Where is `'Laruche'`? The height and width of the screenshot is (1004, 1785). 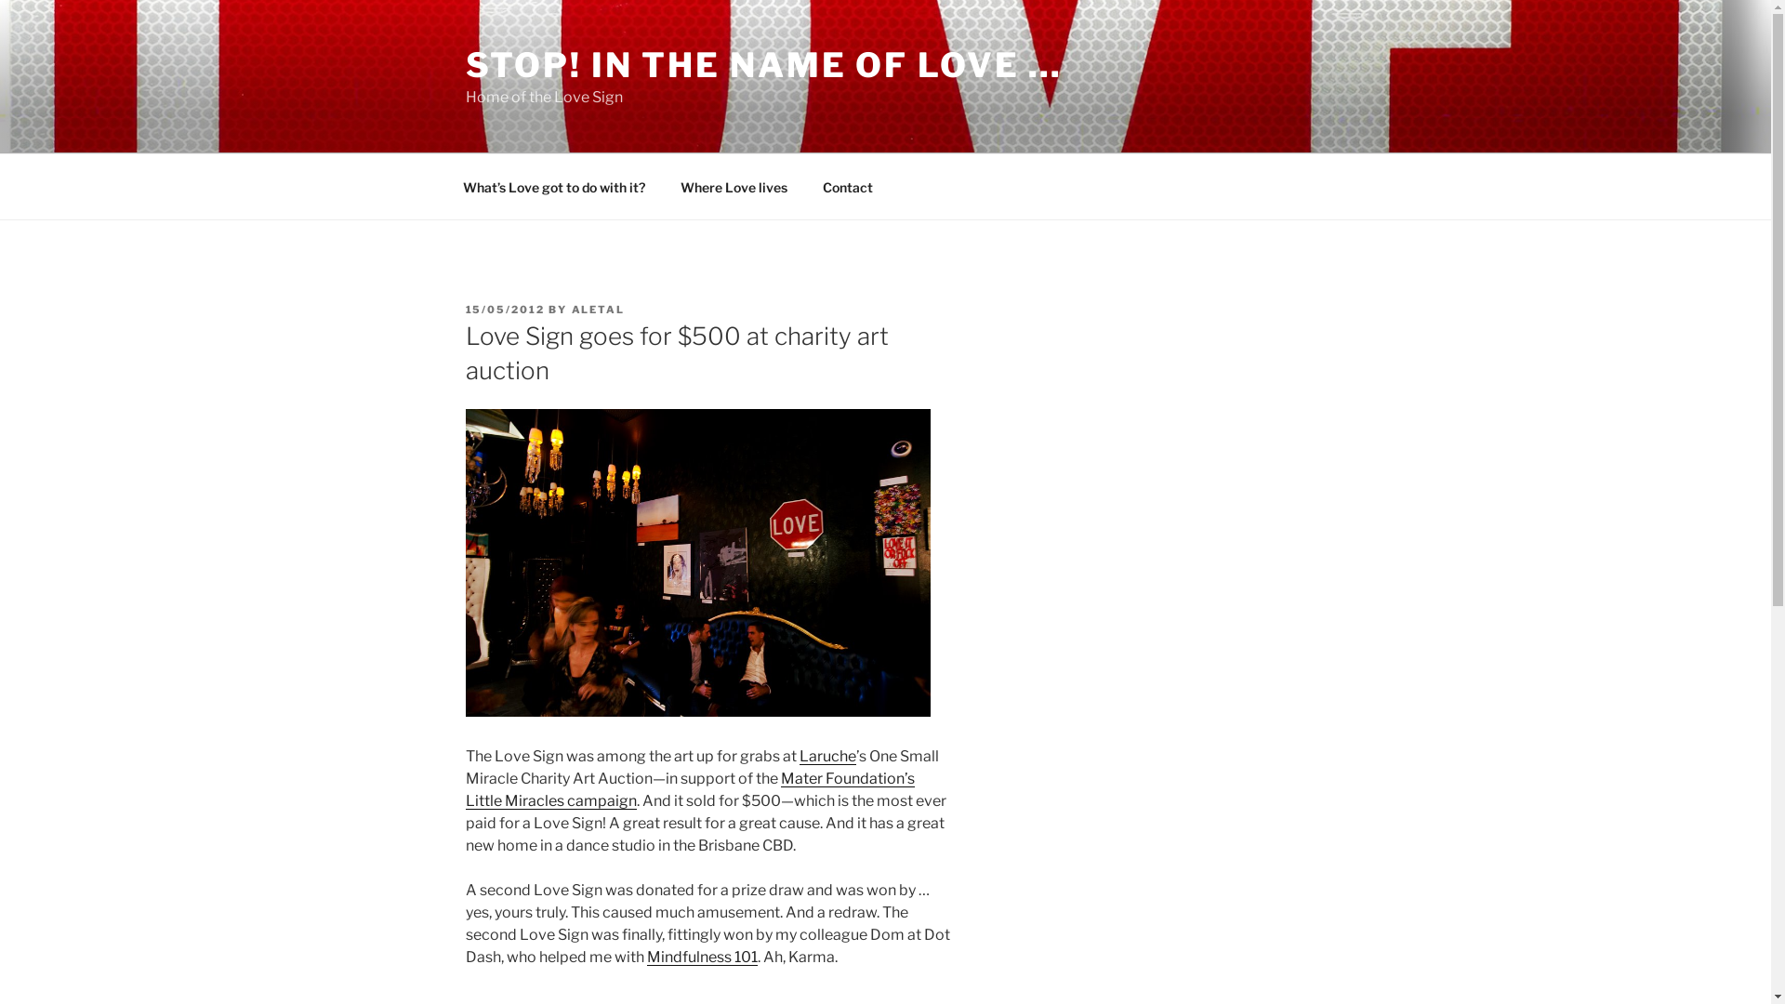 'Laruche' is located at coordinates (826, 756).